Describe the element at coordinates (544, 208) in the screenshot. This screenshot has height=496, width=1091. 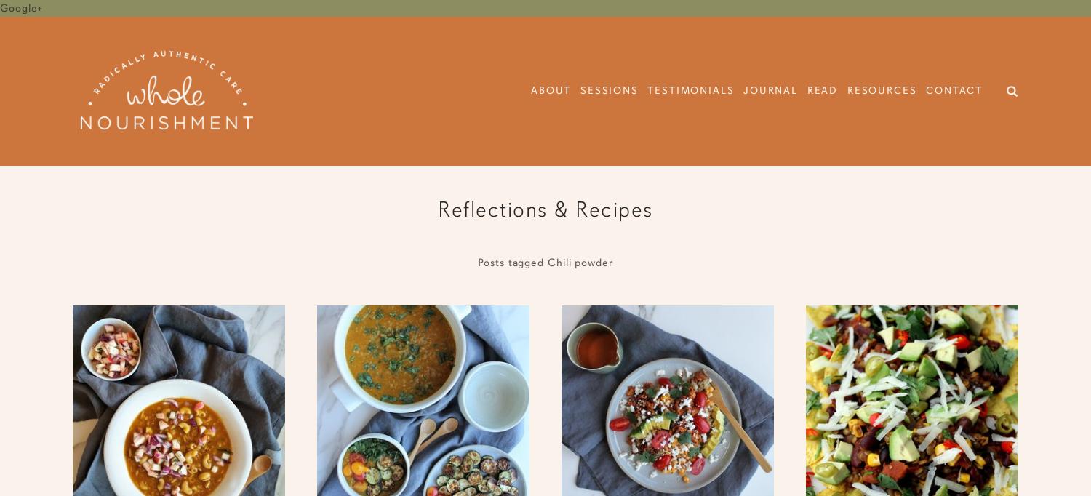
I see `'Reflections & Recipes'` at that location.